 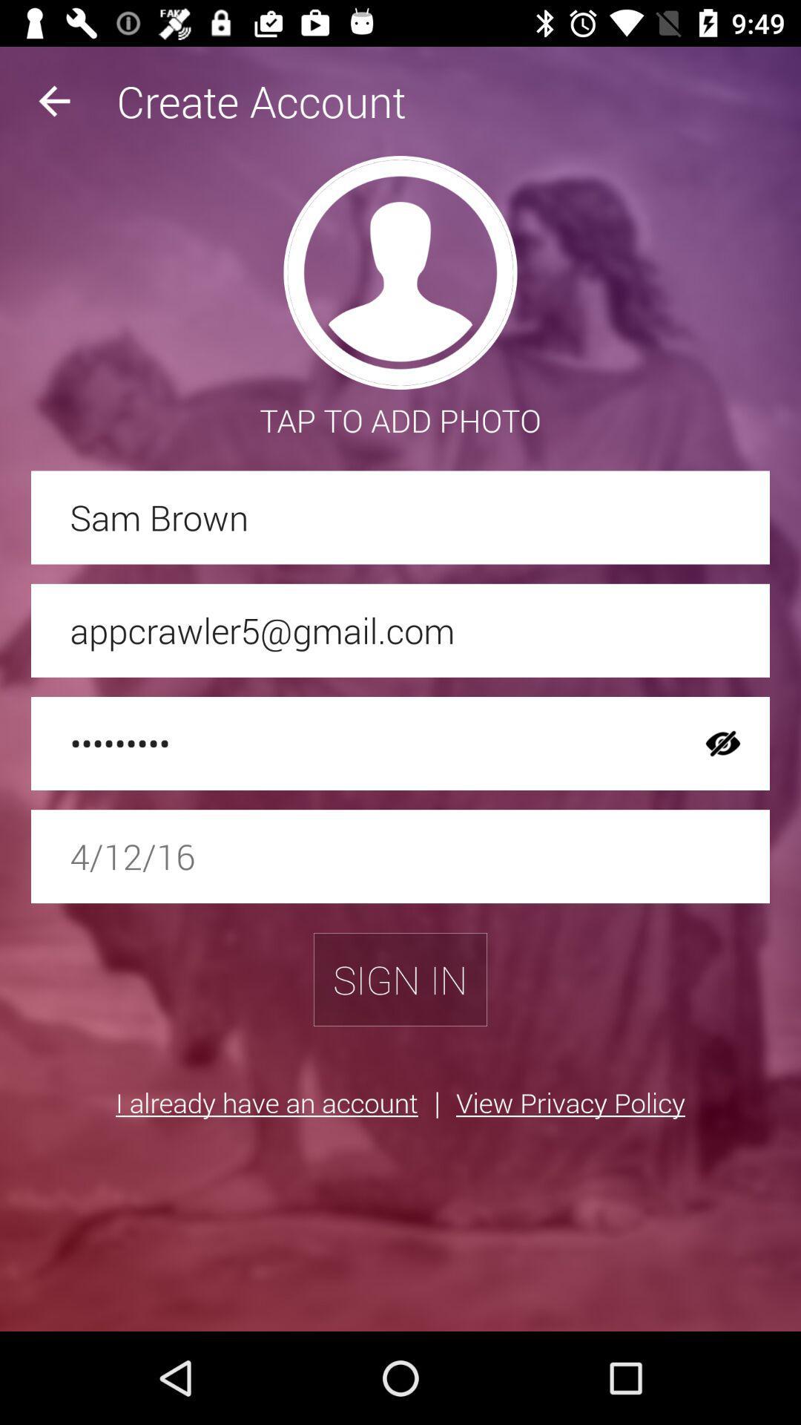 What do you see at coordinates (722, 744) in the screenshot?
I see `item next to the crowd3116 icon` at bounding box center [722, 744].